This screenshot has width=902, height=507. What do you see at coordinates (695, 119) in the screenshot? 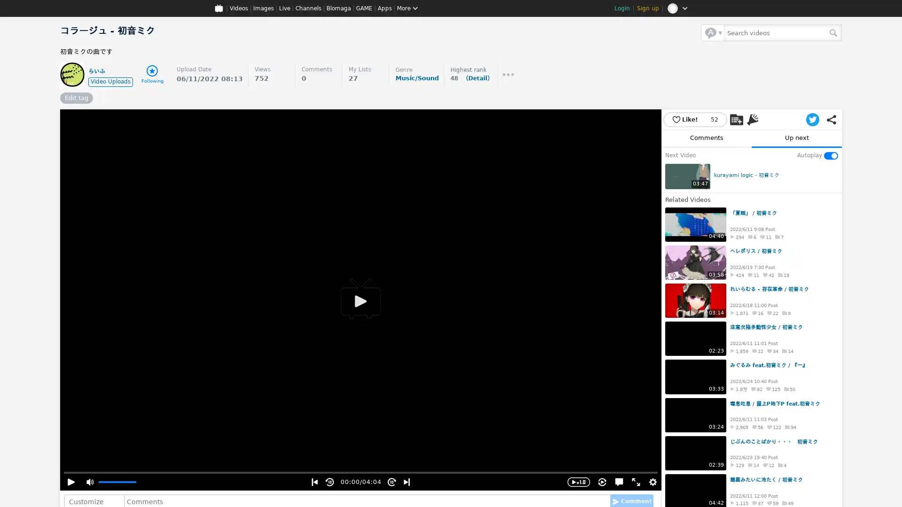
I see `Like! 52` at bounding box center [695, 119].